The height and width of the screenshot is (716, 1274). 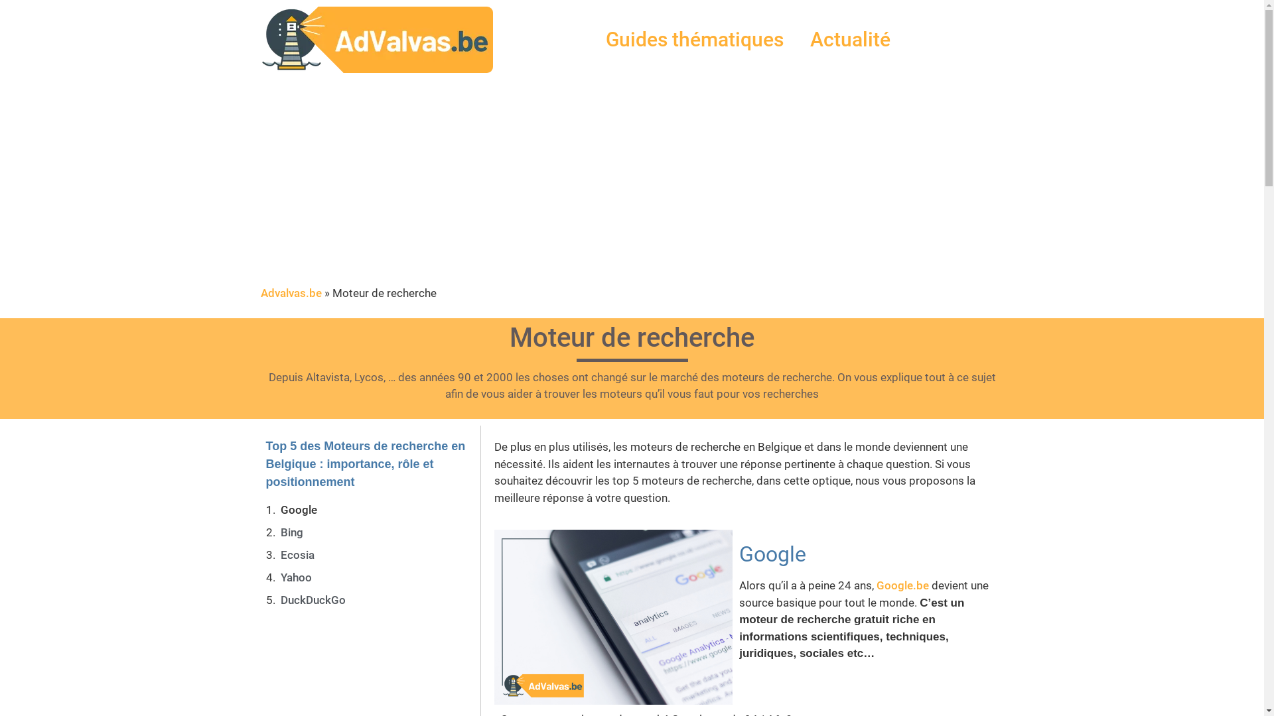 What do you see at coordinates (289, 292) in the screenshot?
I see `'Advalvas.be'` at bounding box center [289, 292].